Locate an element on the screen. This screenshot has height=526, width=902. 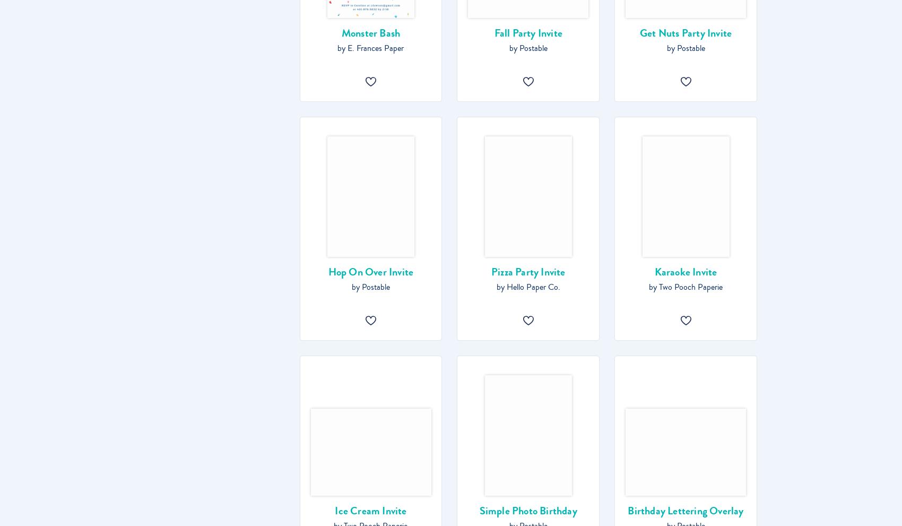
'Fall Party Invite' is located at coordinates (493, 33).